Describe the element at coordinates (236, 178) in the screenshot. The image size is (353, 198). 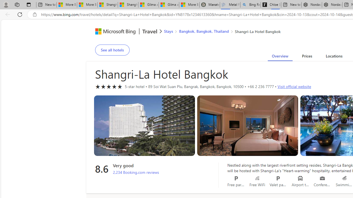
I see `'Free parking'` at that location.